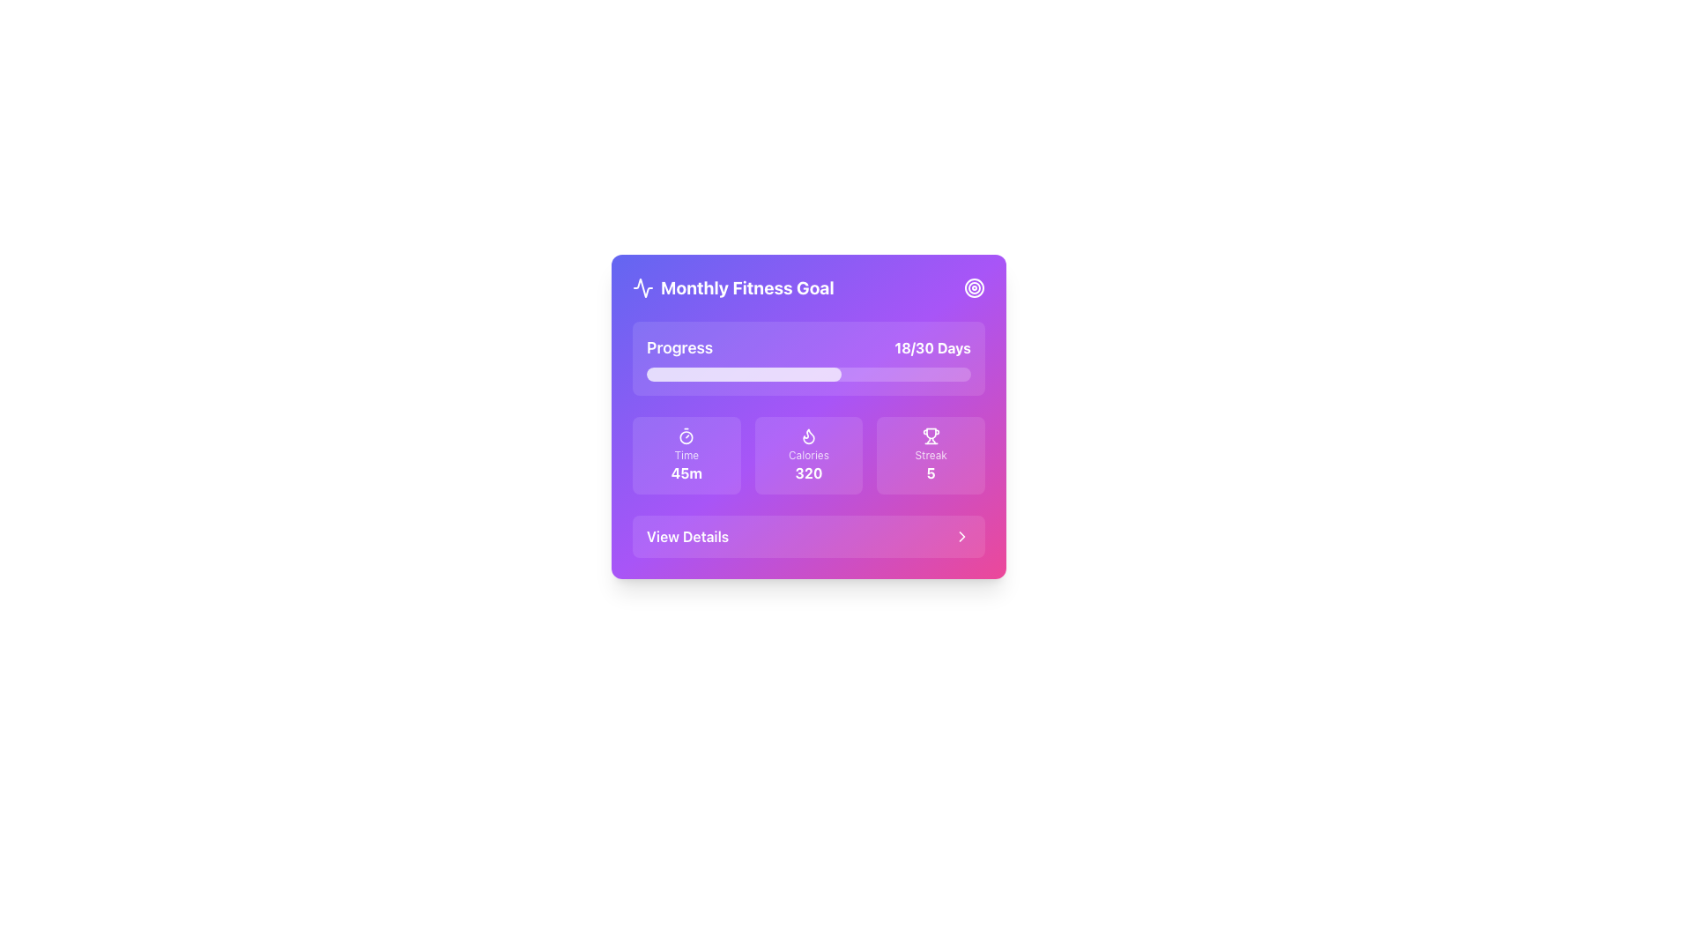 This screenshot has width=1692, height=952. What do you see at coordinates (747, 287) in the screenshot?
I see `the fitness tracking title text label located near the top-left area of the card interface, which is aligned in the central row among its siblings and situated to the right of an activity graph icon` at bounding box center [747, 287].